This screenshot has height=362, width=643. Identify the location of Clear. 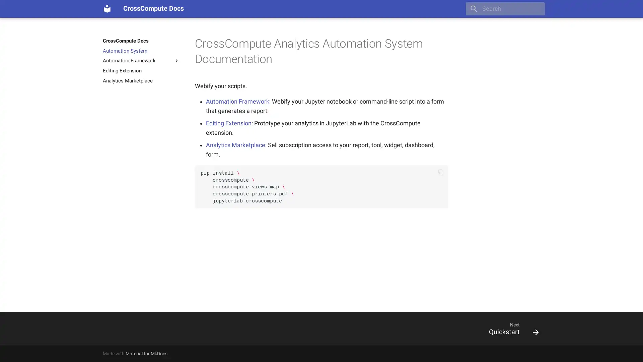
(537, 9).